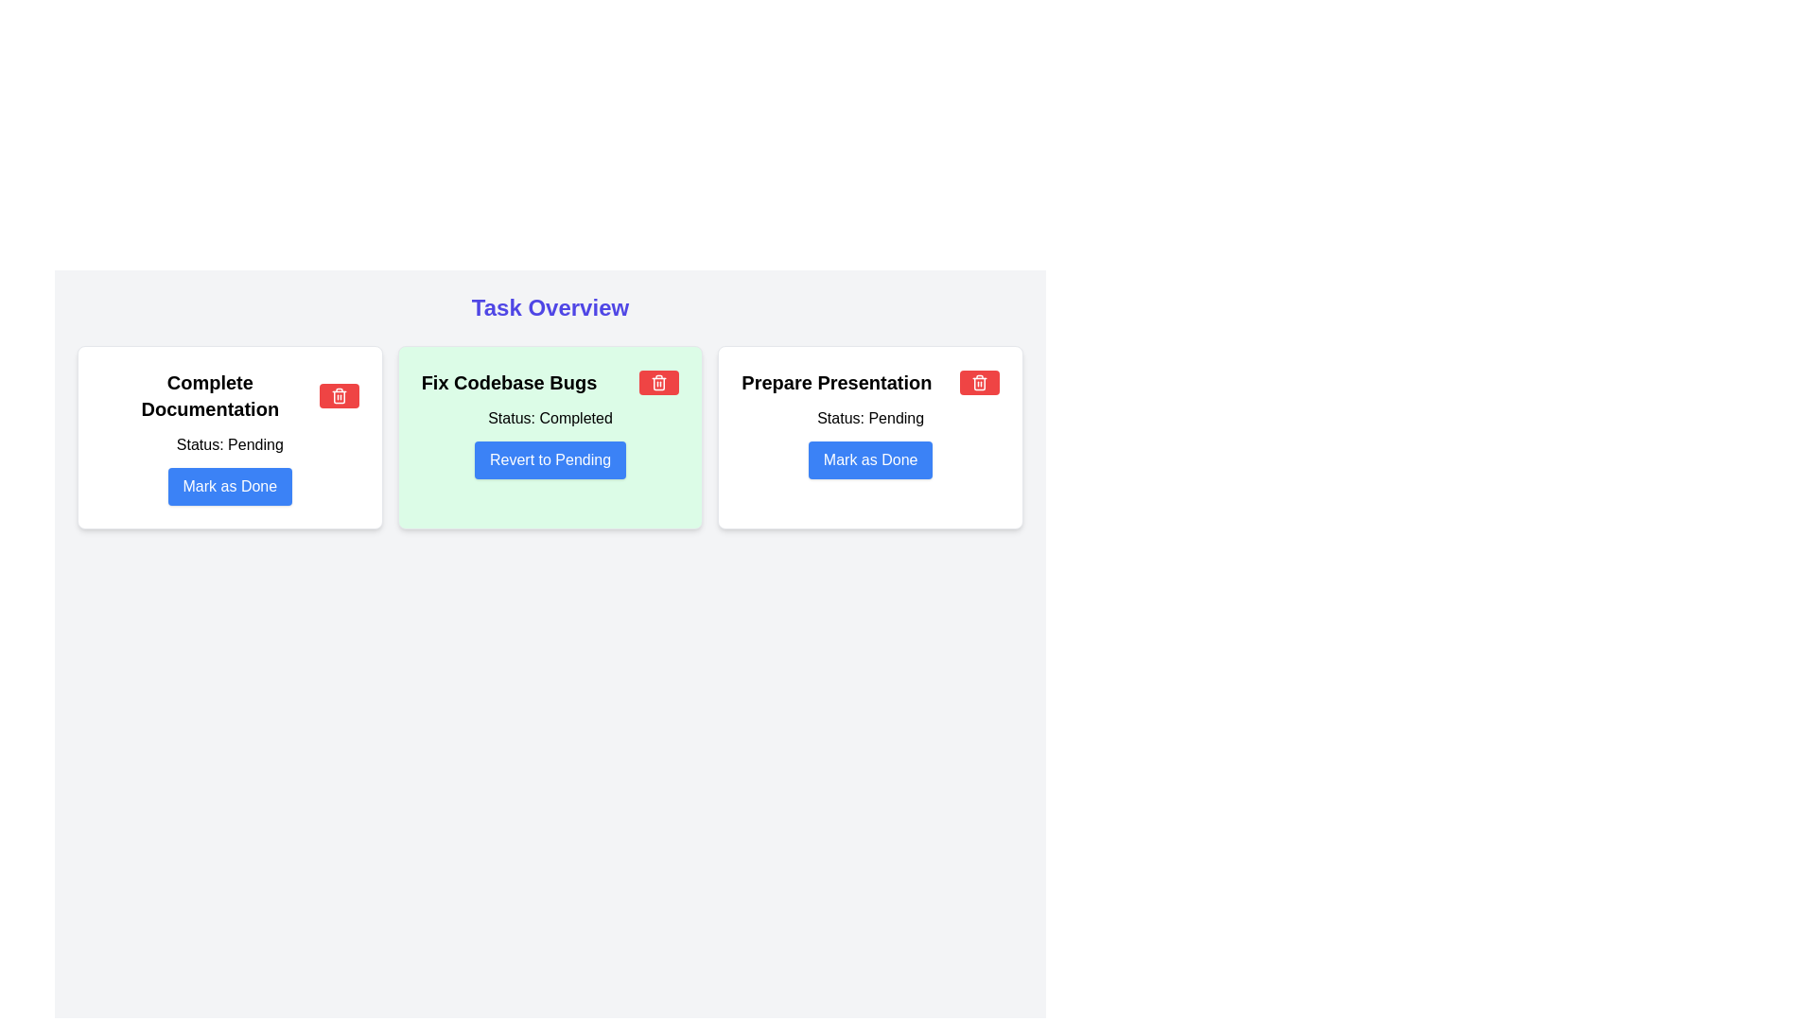  Describe the element at coordinates (339, 396) in the screenshot. I see `the trash can icon represented by the vertical rectangle within the SVG graphics element through tab navigation` at that location.